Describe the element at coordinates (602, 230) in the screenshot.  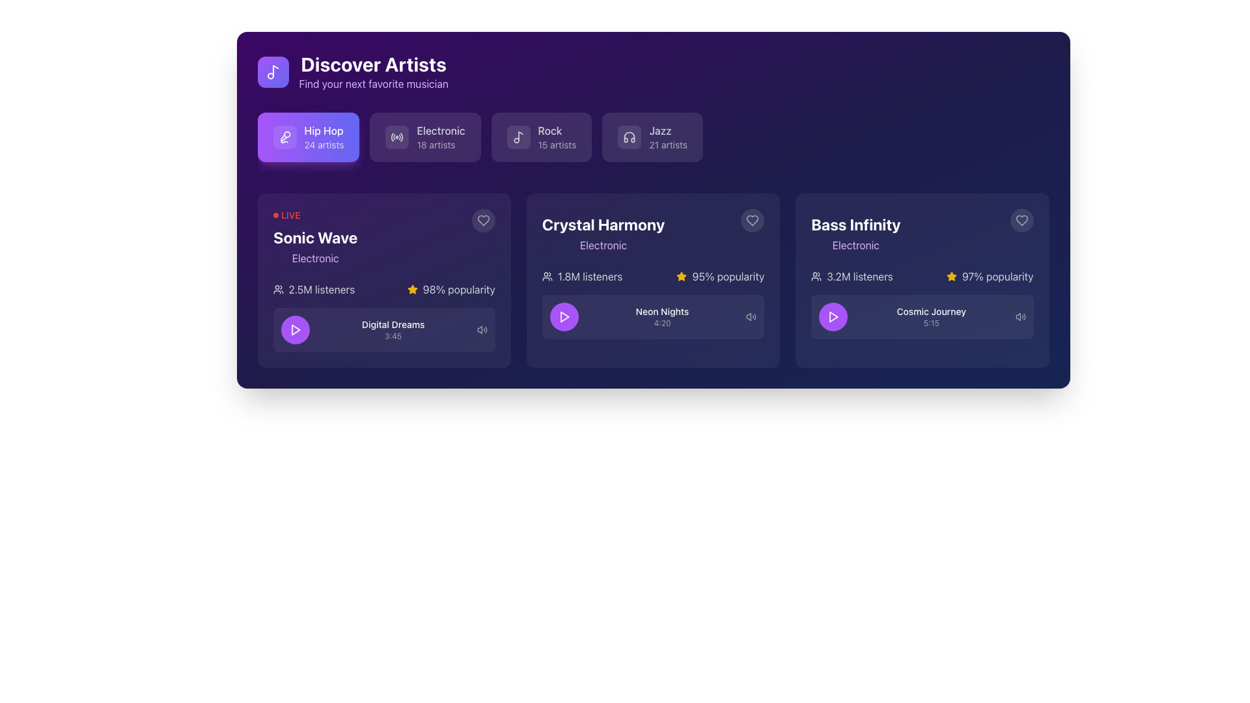
I see `the label/text that identifies the title and category of the featured content in the second card, located above the listener statistics and play button` at that location.